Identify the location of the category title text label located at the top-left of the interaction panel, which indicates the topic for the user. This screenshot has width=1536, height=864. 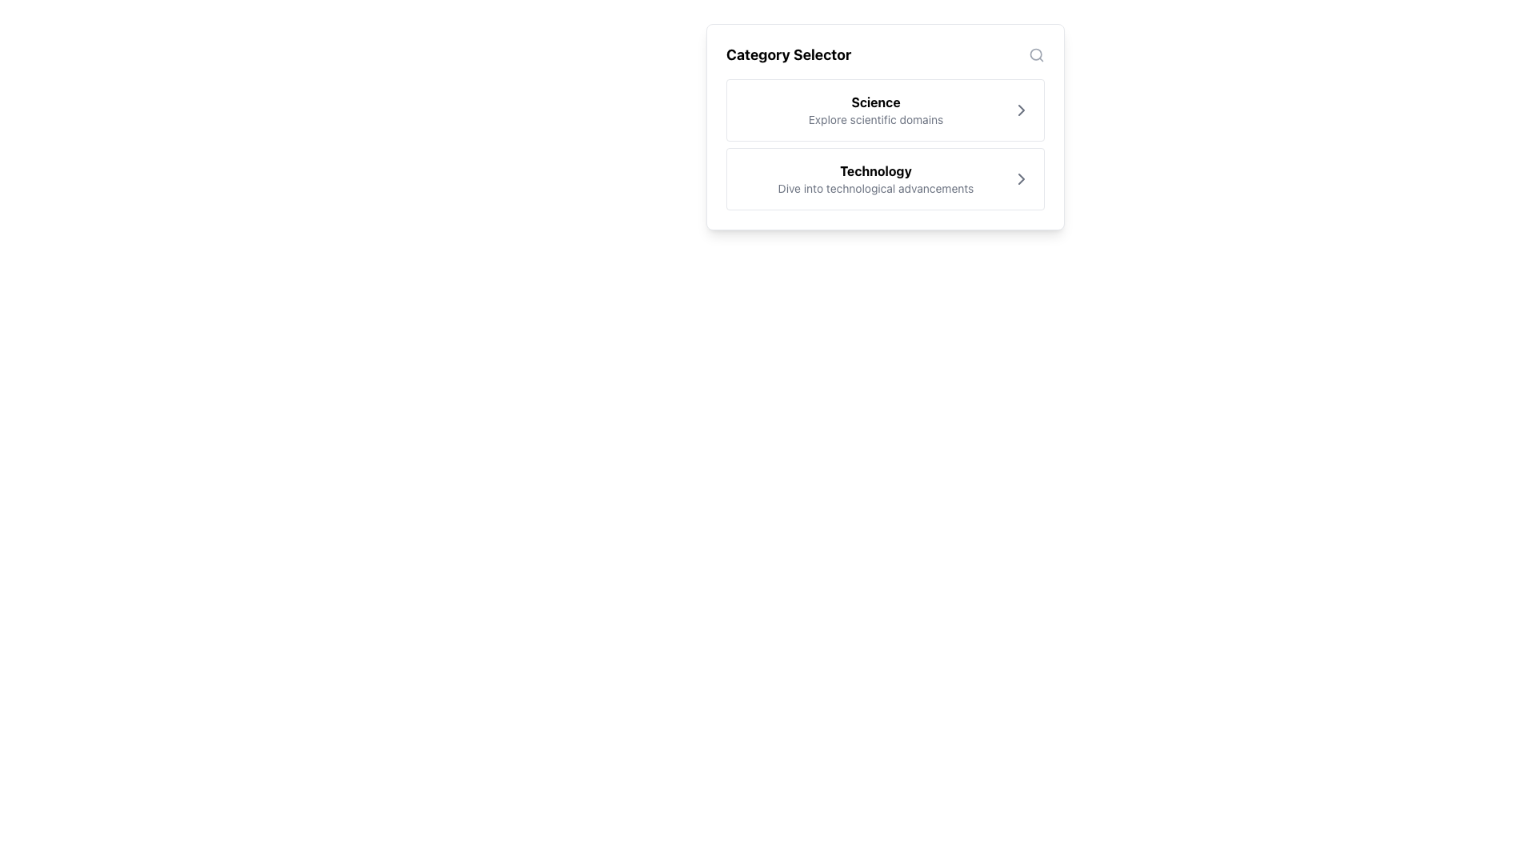
(874, 102).